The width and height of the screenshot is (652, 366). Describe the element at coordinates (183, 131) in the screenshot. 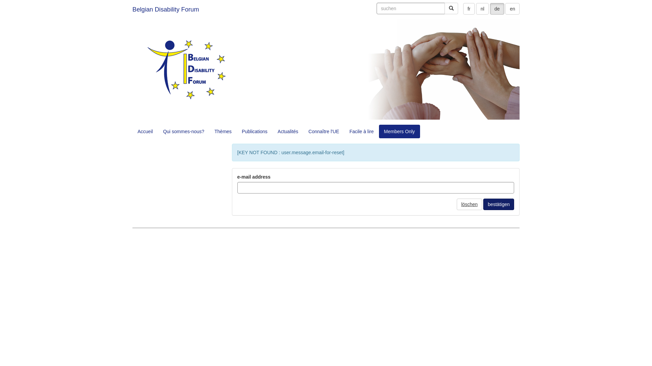

I see `'Qui sommes-nous?'` at that location.